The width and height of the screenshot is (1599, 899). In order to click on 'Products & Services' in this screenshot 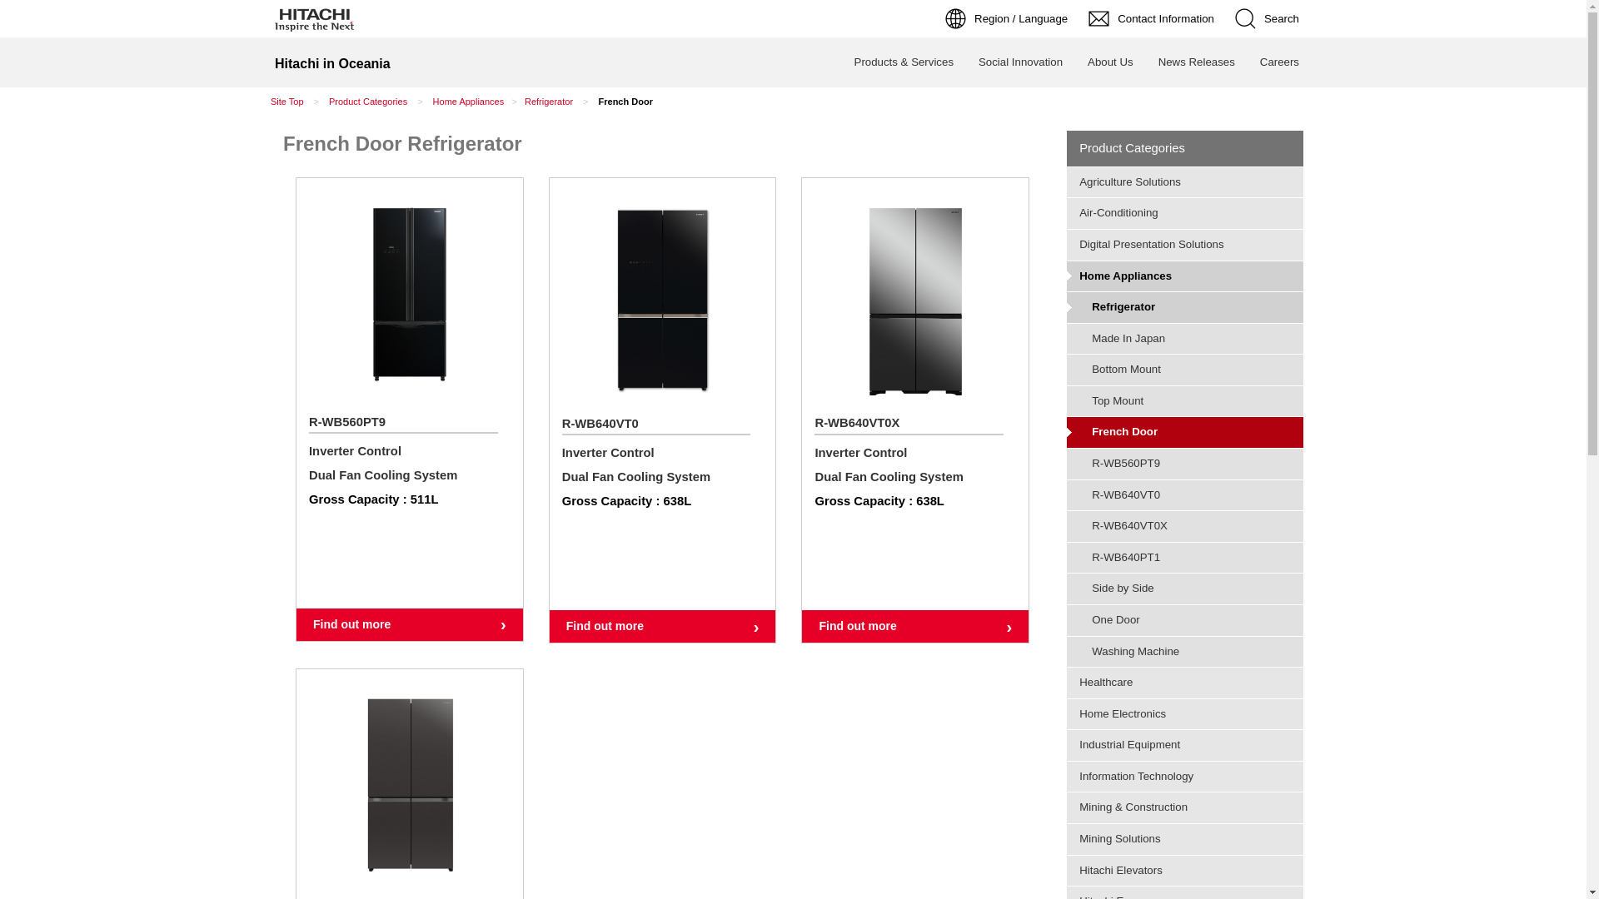, I will do `click(903, 61)`.